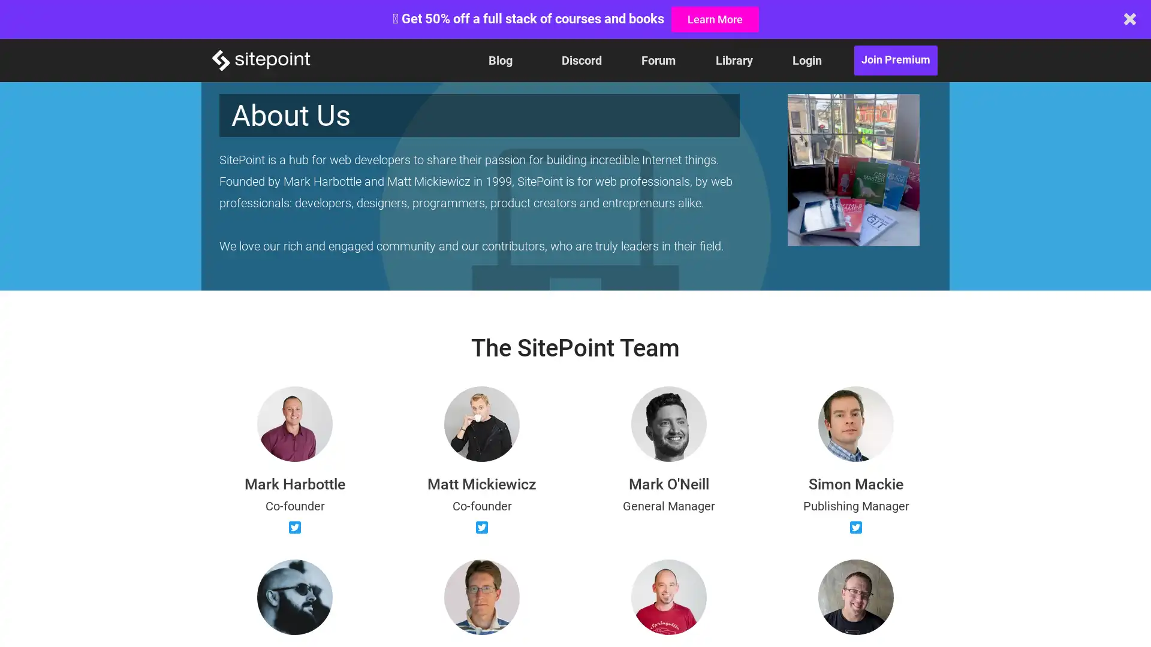 This screenshot has height=647, width=1151. I want to click on Aria Close Button, so click(1129, 19).